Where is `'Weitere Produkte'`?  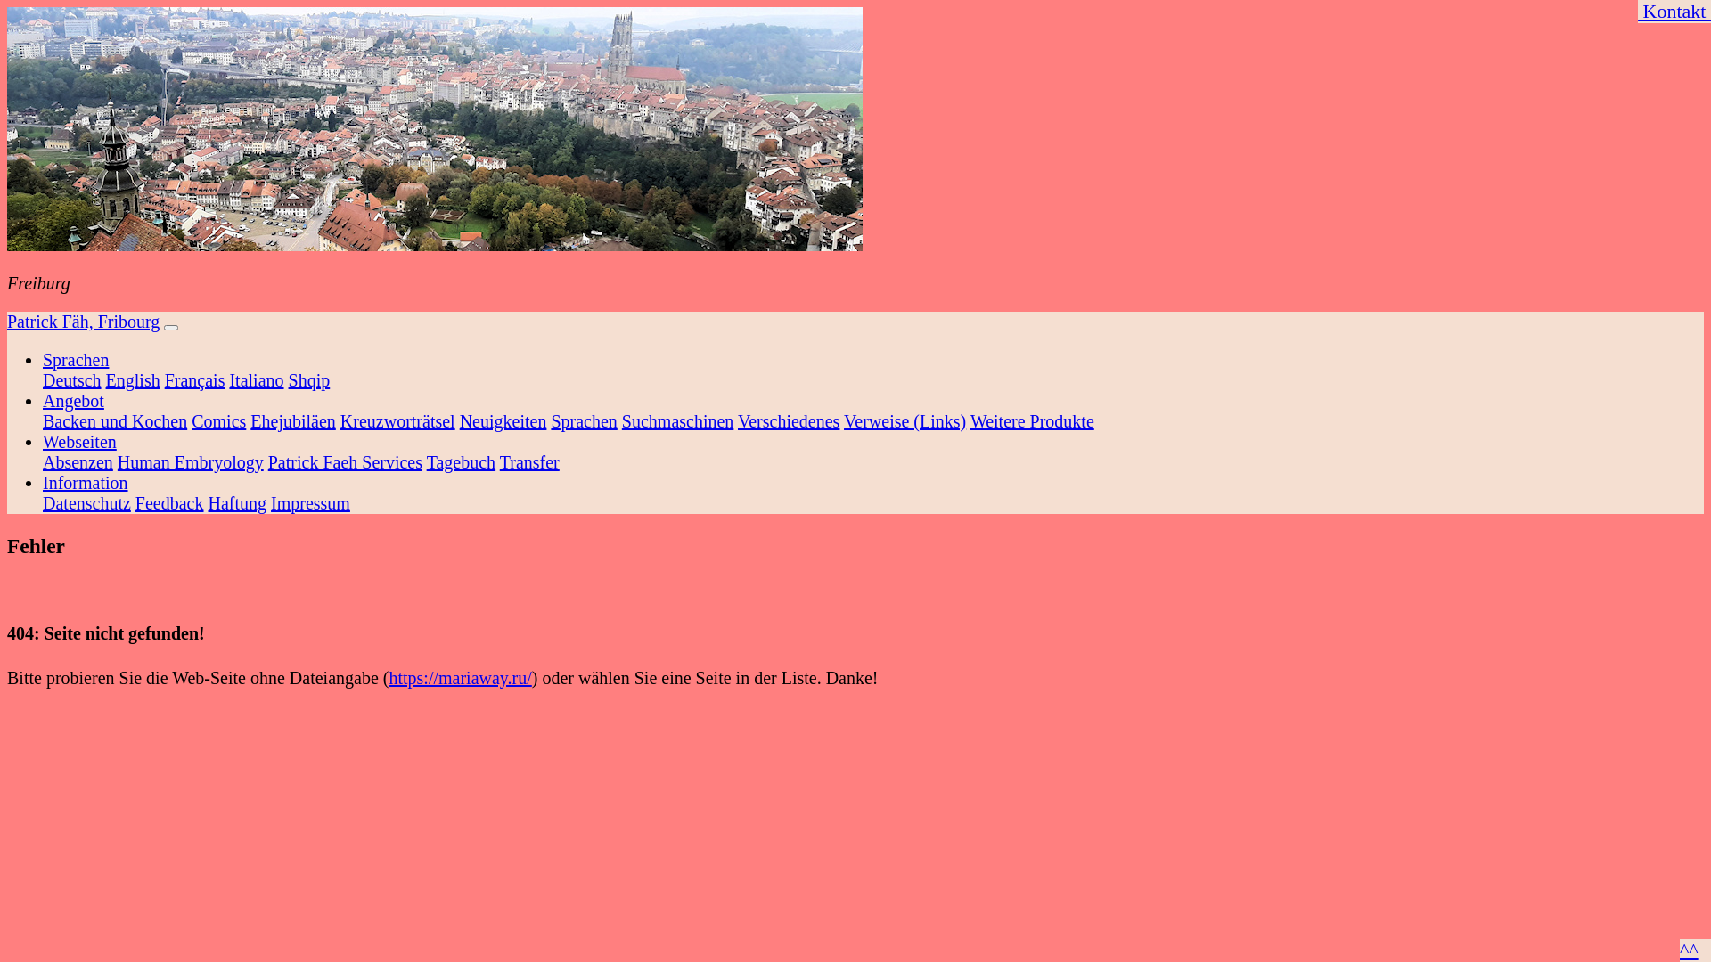 'Weitere Produkte' is located at coordinates (1032, 421).